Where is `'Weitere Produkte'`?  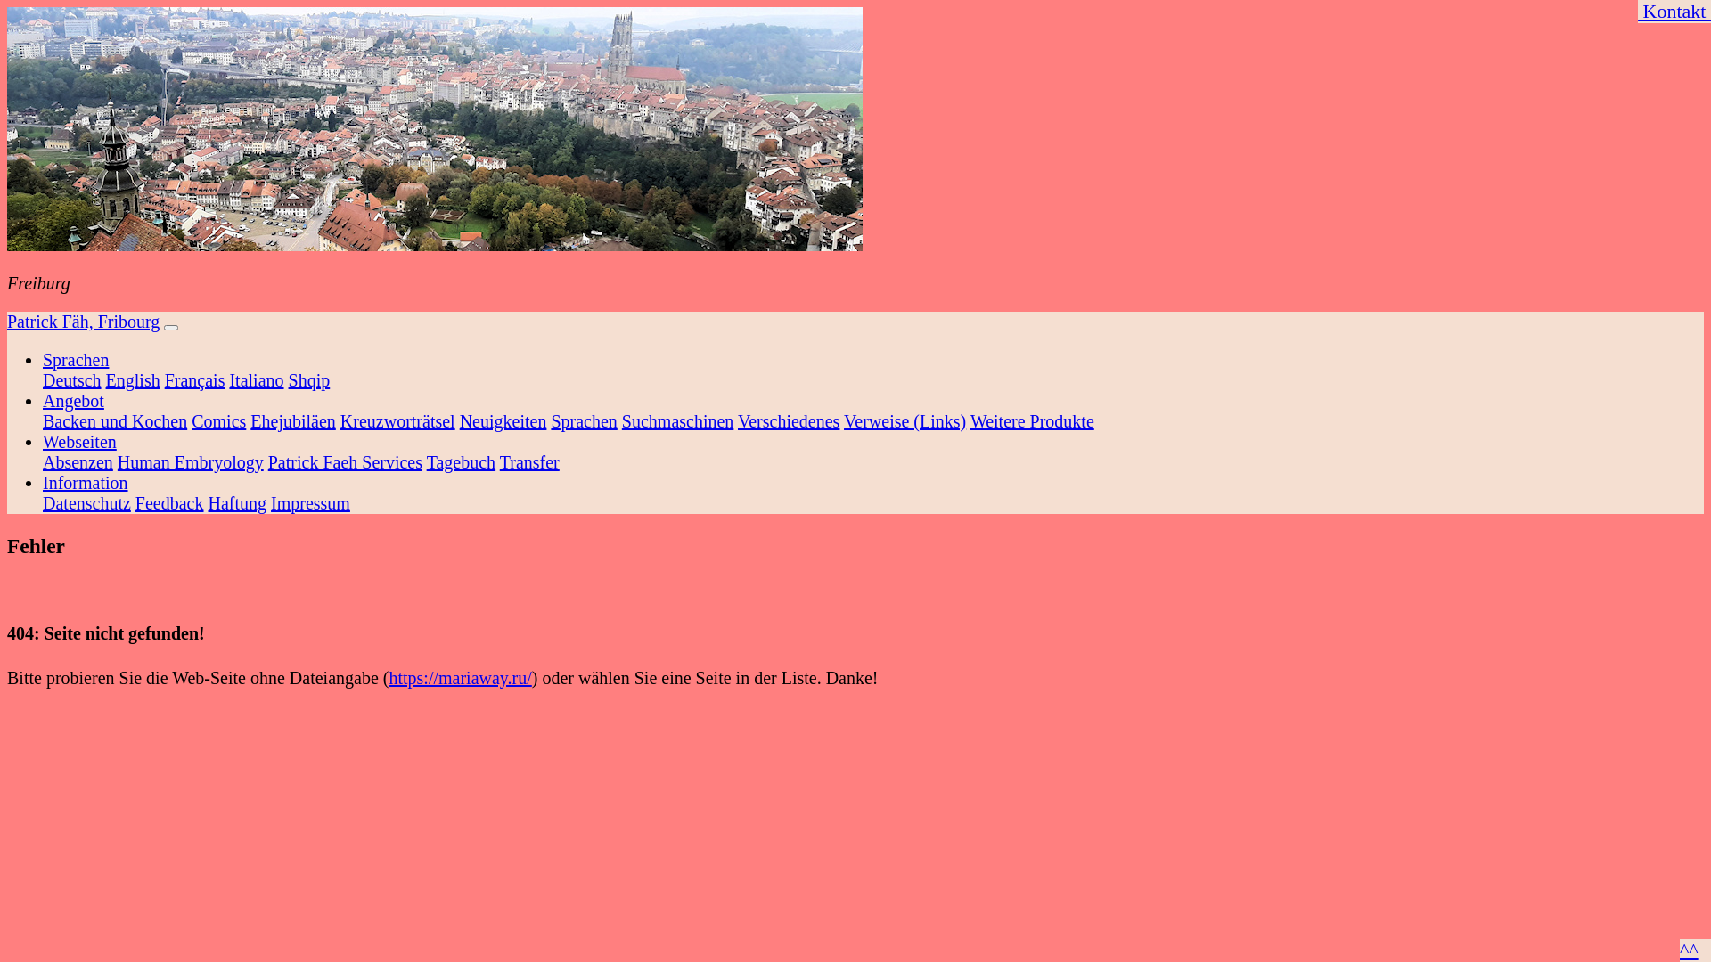 'Weitere Produkte' is located at coordinates (1032, 421).